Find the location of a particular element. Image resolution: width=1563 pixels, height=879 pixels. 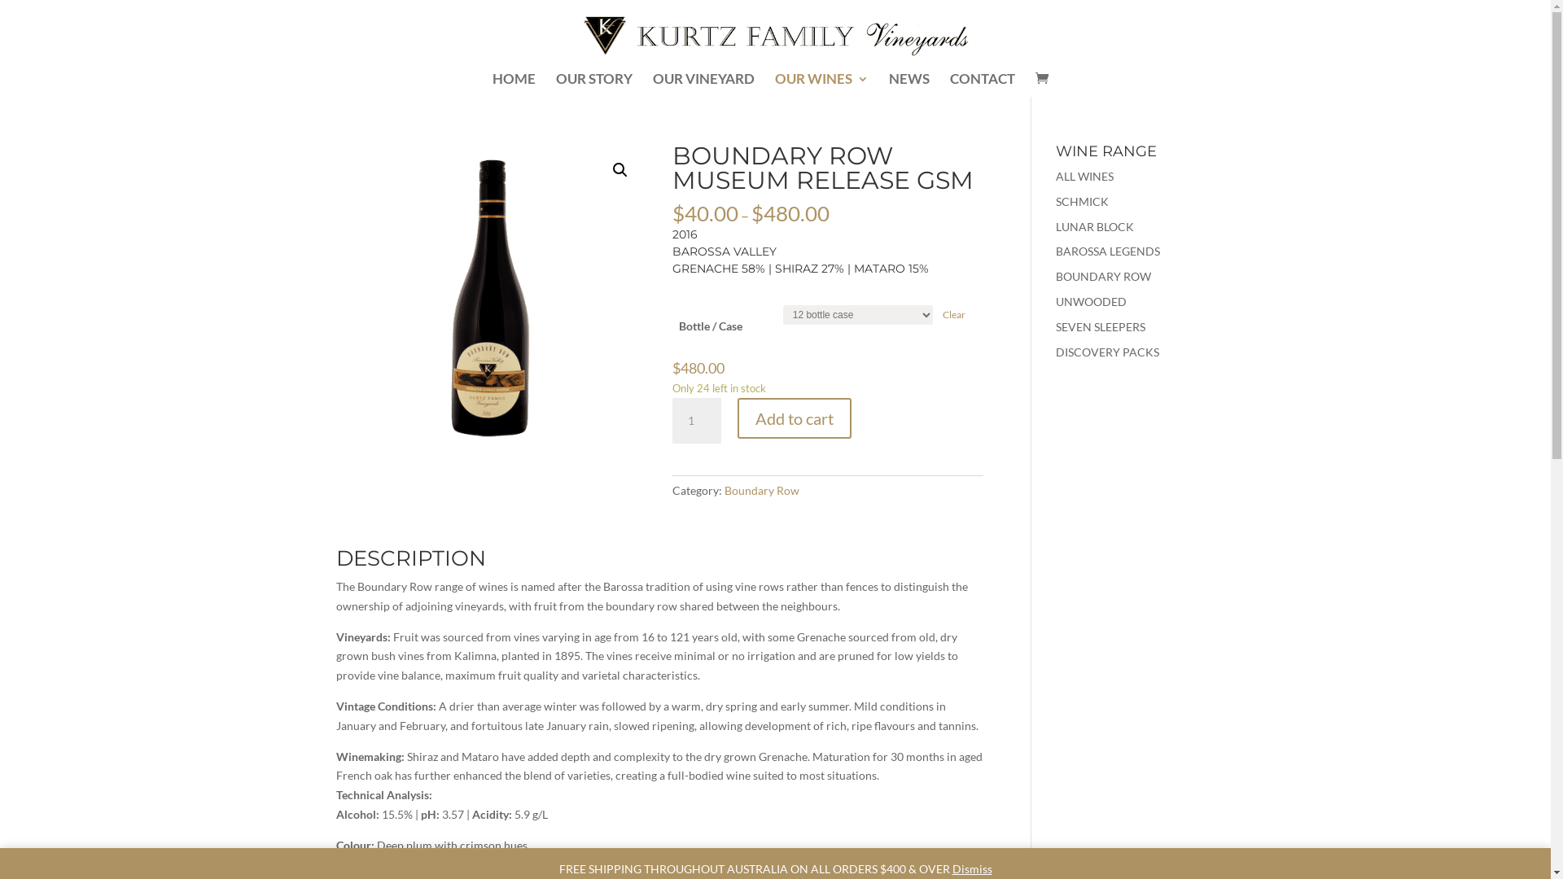

'UNWOODED' is located at coordinates (1091, 301).